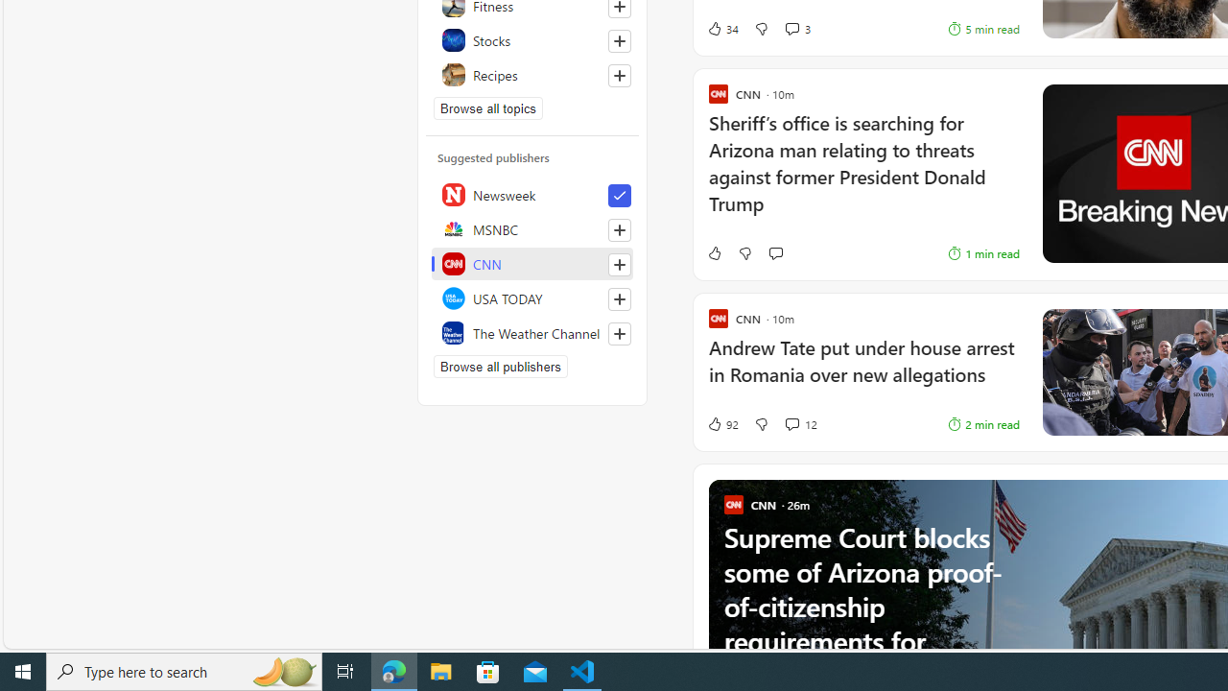 Image resolution: width=1228 pixels, height=691 pixels. I want to click on 'Browse all topics', so click(488, 108).